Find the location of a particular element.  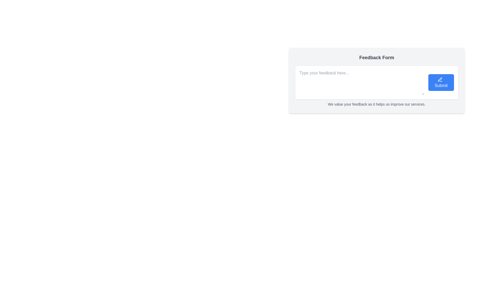

the blue 'Submit' button with rounded corners, which has white text and a pen icon is located at coordinates (441, 83).